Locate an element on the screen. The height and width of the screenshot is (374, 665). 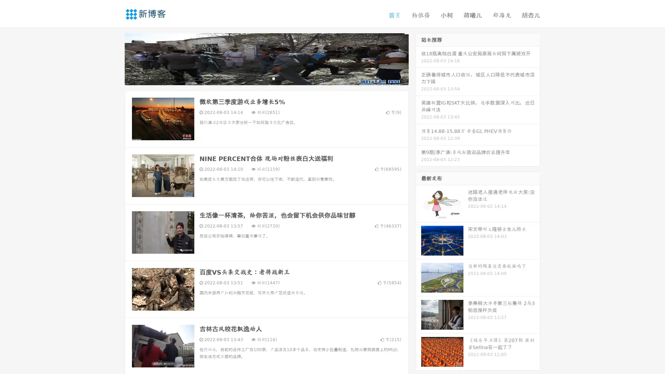
Next slide is located at coordinates (418, 58).